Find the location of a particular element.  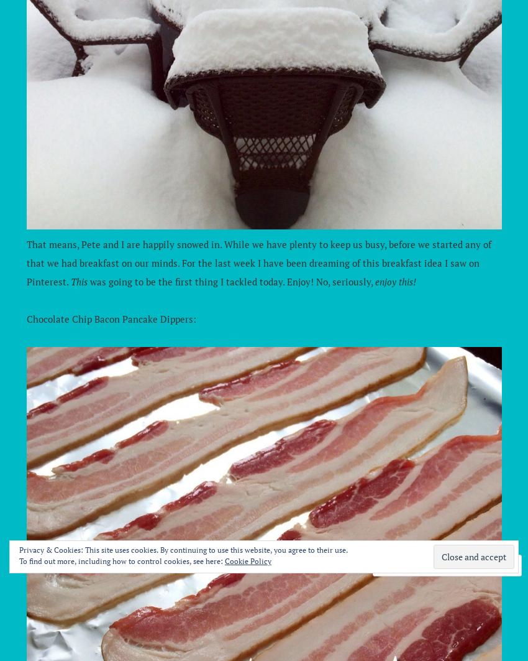

'enjoy this!' is located at coordinates (373, 282).